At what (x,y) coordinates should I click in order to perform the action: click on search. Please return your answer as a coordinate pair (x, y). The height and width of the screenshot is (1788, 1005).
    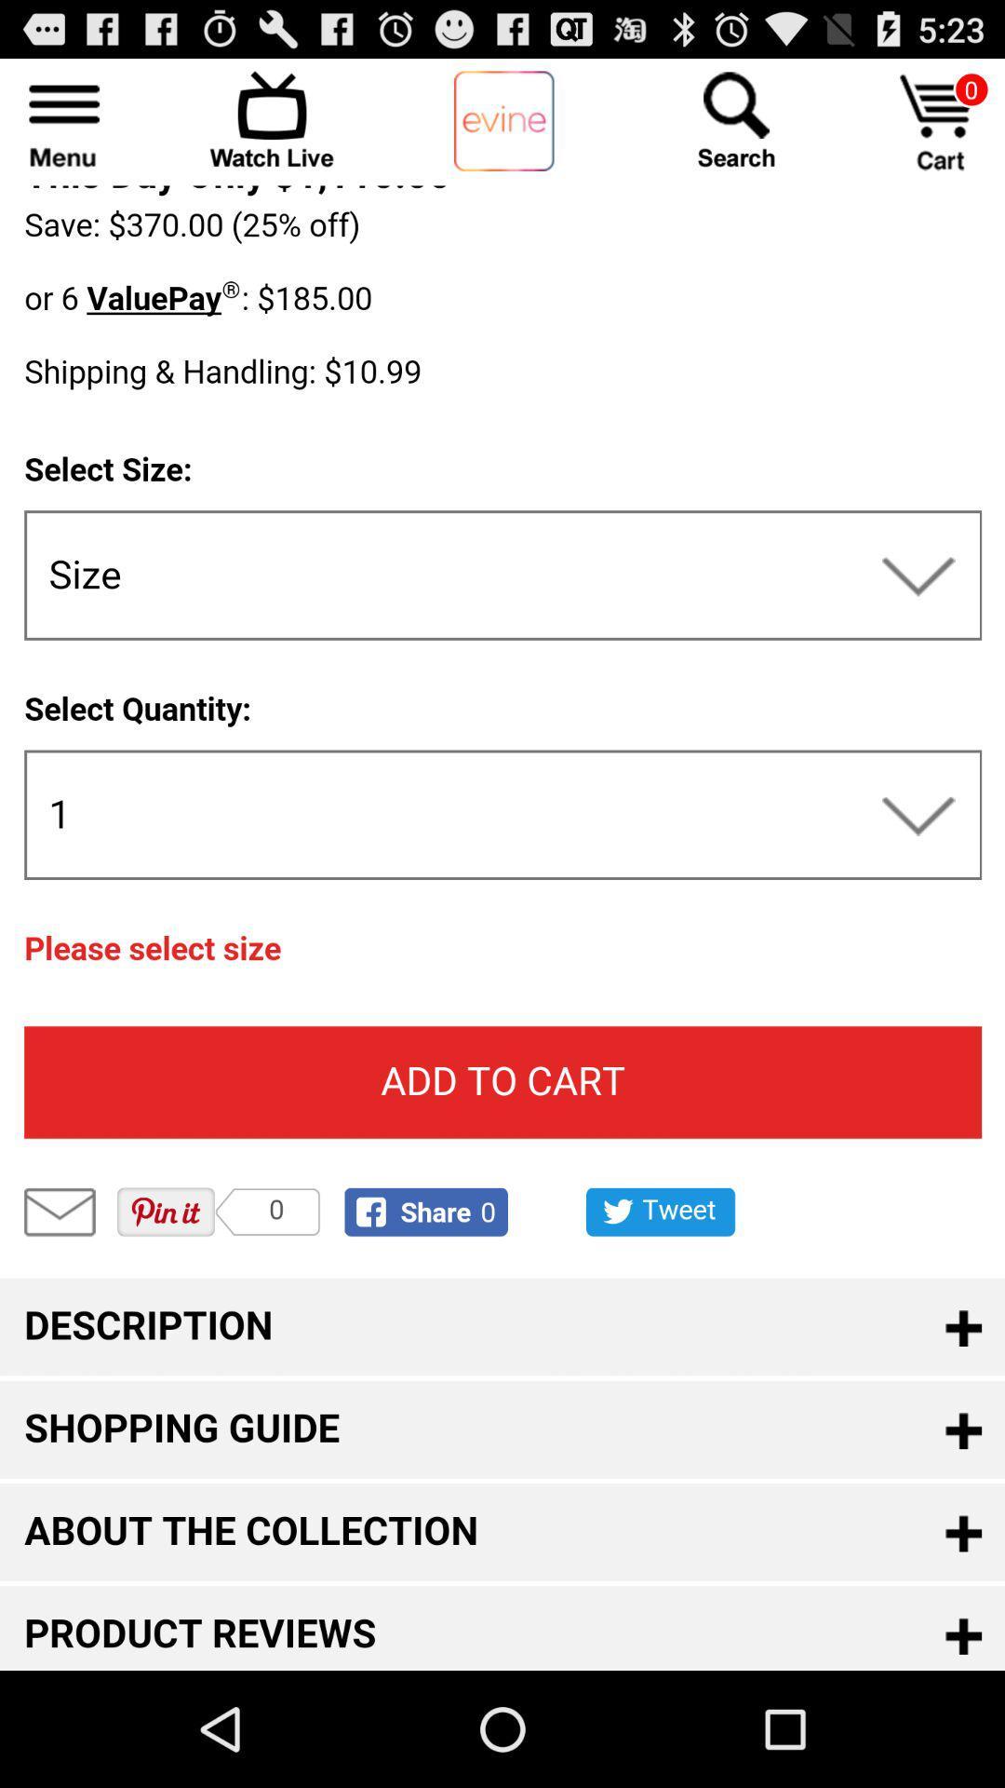
    Looking at the image, I should click on (735, 118).